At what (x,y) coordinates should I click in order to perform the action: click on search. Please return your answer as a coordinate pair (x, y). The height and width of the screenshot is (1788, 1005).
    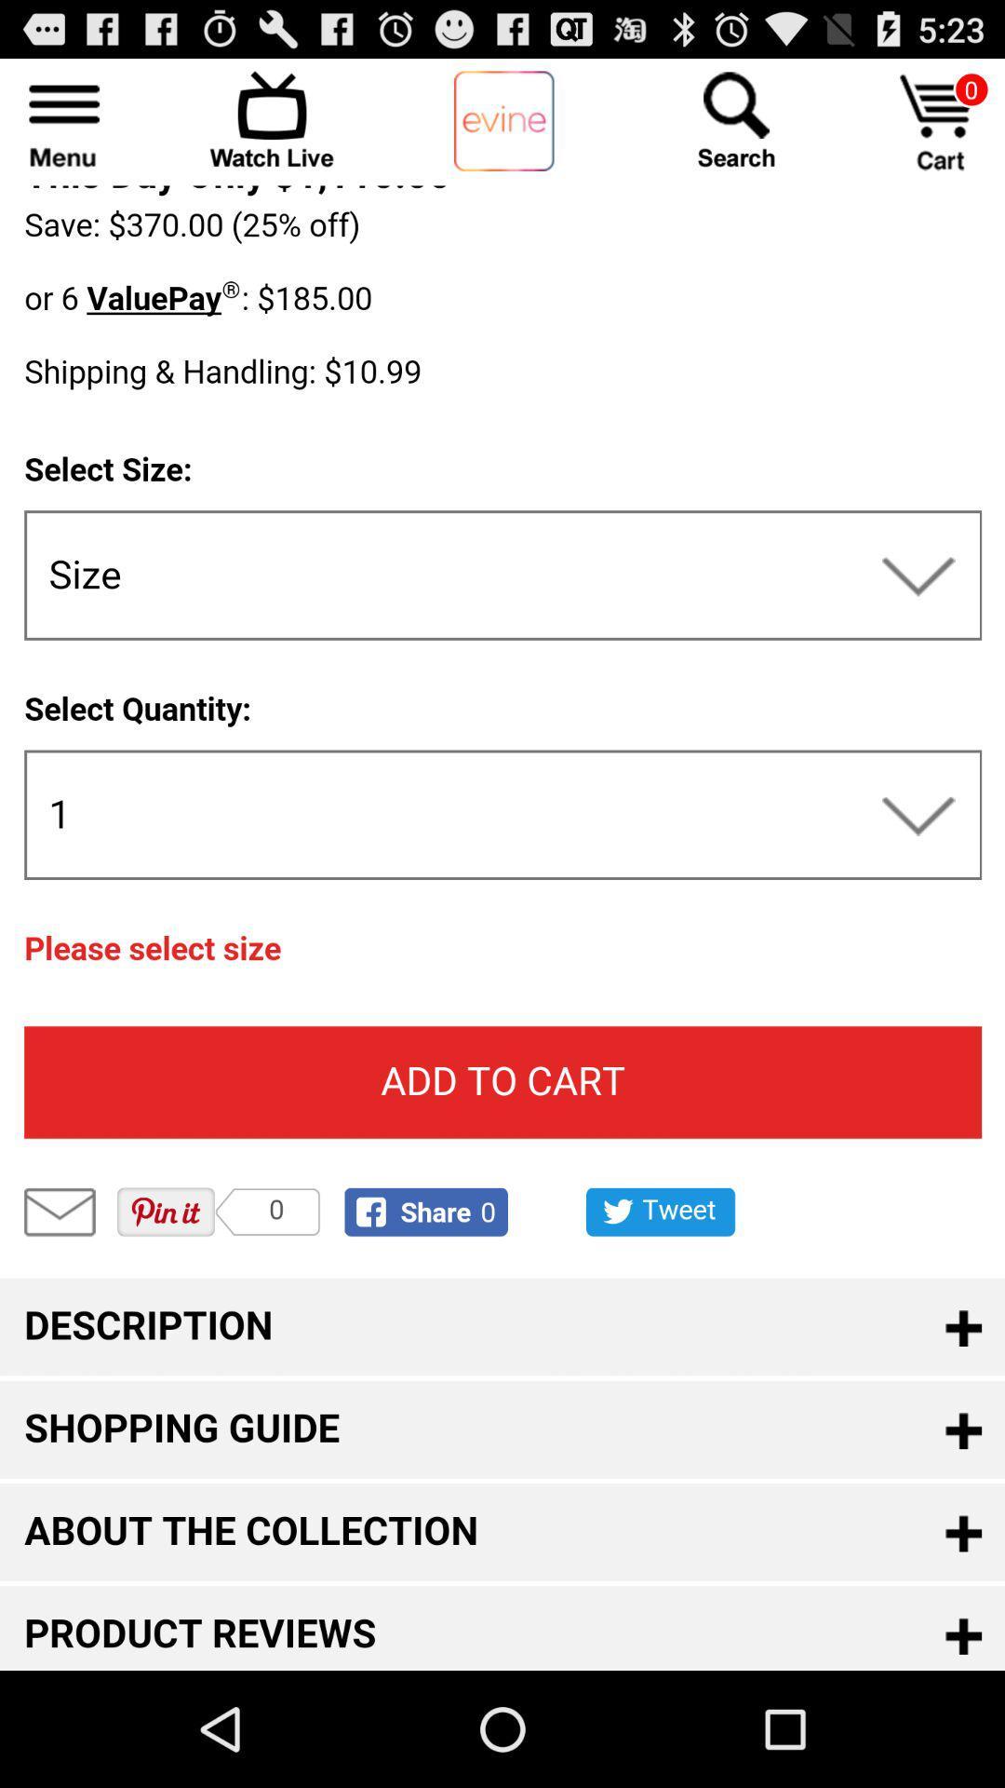
    Looking at the image, I should click on (735, 118).